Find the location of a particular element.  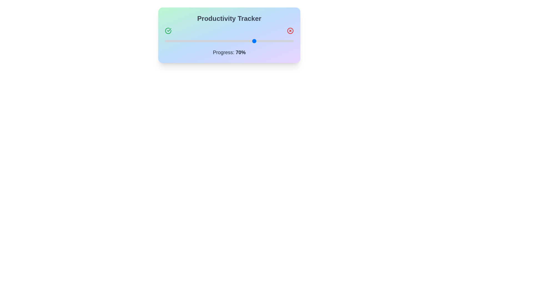

the green checkmark icon, which is located on the far left of the header area above a progress bar, indicating its importance with a minimalist design is located at coordinates (168, 31).